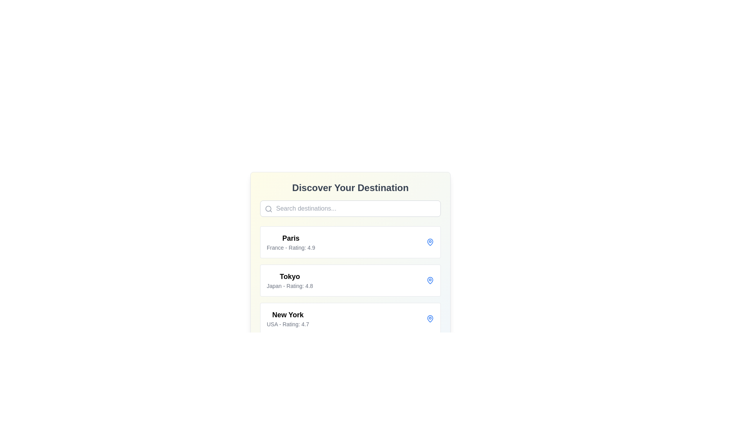 This screenshot has height=422, width=751. What do you see at coordinates (289, 280) in the screenshot?
I see `the text block containing the title 'Tokyo' and the smaller text 'Japan - Rating: 4.8', which is the second item under 'Discover Your Destination'` at bounding box center [289, 280].